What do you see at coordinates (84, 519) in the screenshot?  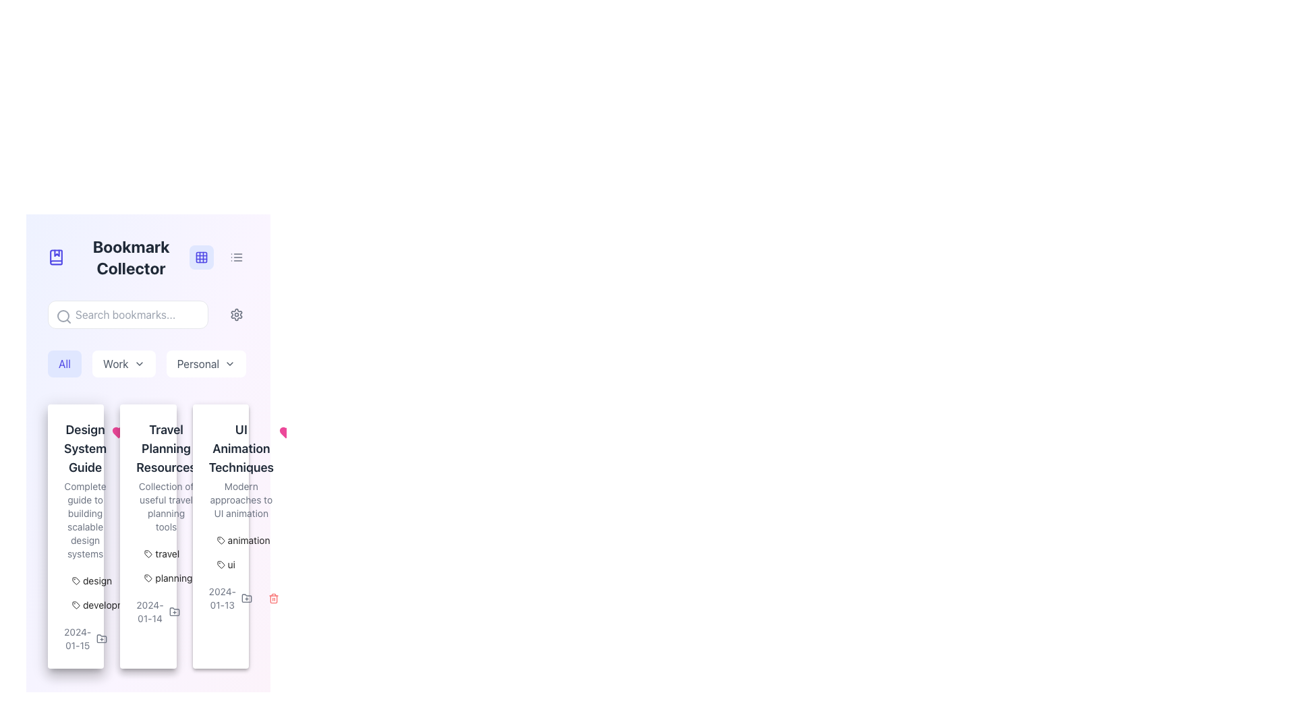 I see `the text block directly below the 'Design System Guide' subtitle within the card-like interface element` at bounding box center [84, 519].